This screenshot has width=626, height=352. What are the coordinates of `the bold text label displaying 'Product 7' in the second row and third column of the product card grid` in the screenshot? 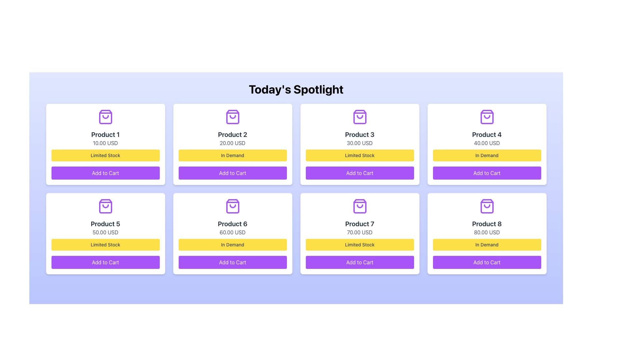 It's located at (359, 223).